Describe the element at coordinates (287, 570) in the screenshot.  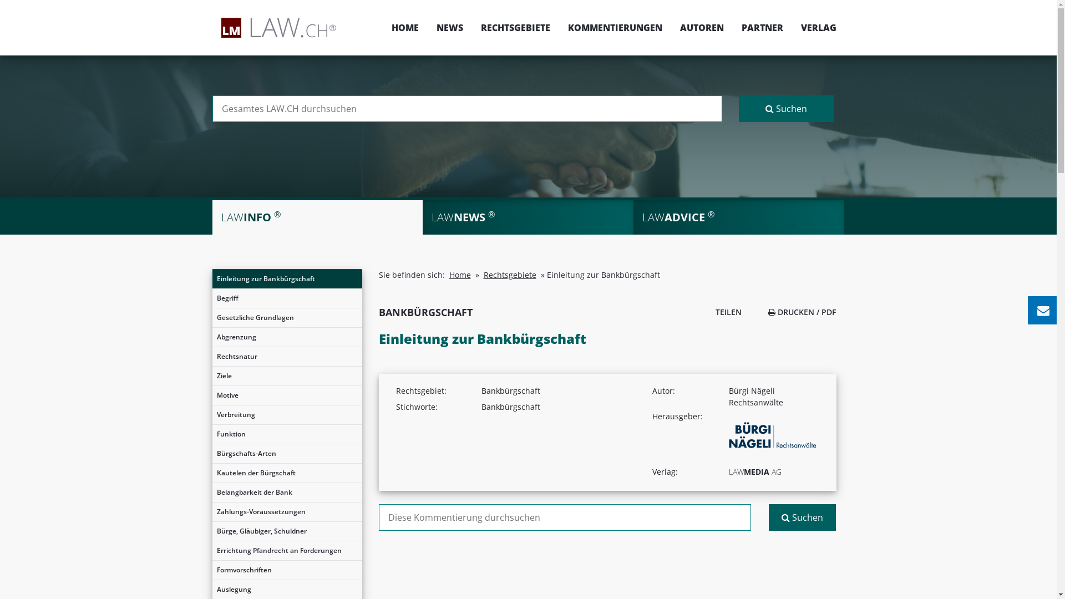
I see `'Formvorschriften'` at that location.